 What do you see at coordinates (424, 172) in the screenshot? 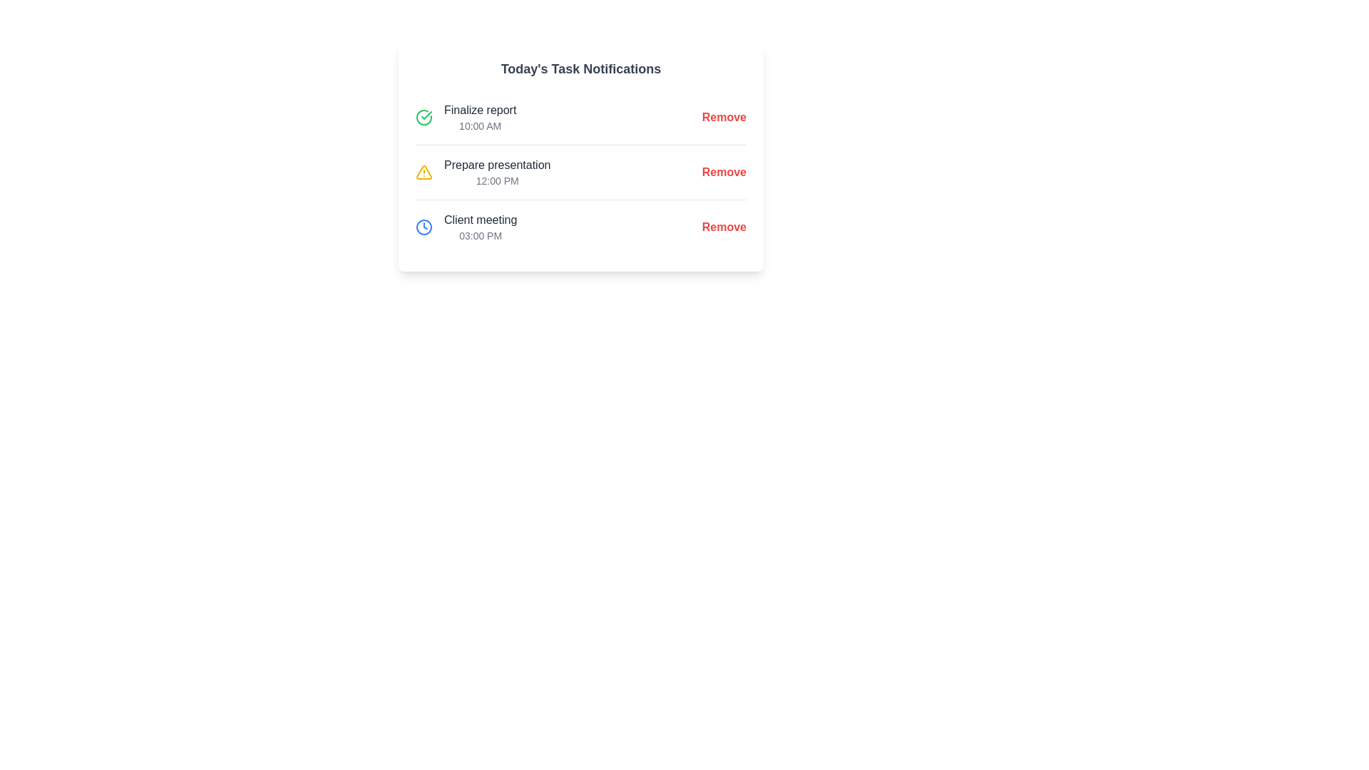
I see `the prominent yellow and black triangle icon with an exclamation mark, located to the left of the 'Prepare presentation' text and aligned with the '12:00 PM' time label in the task notifications list` at bounding box center [424, 172].